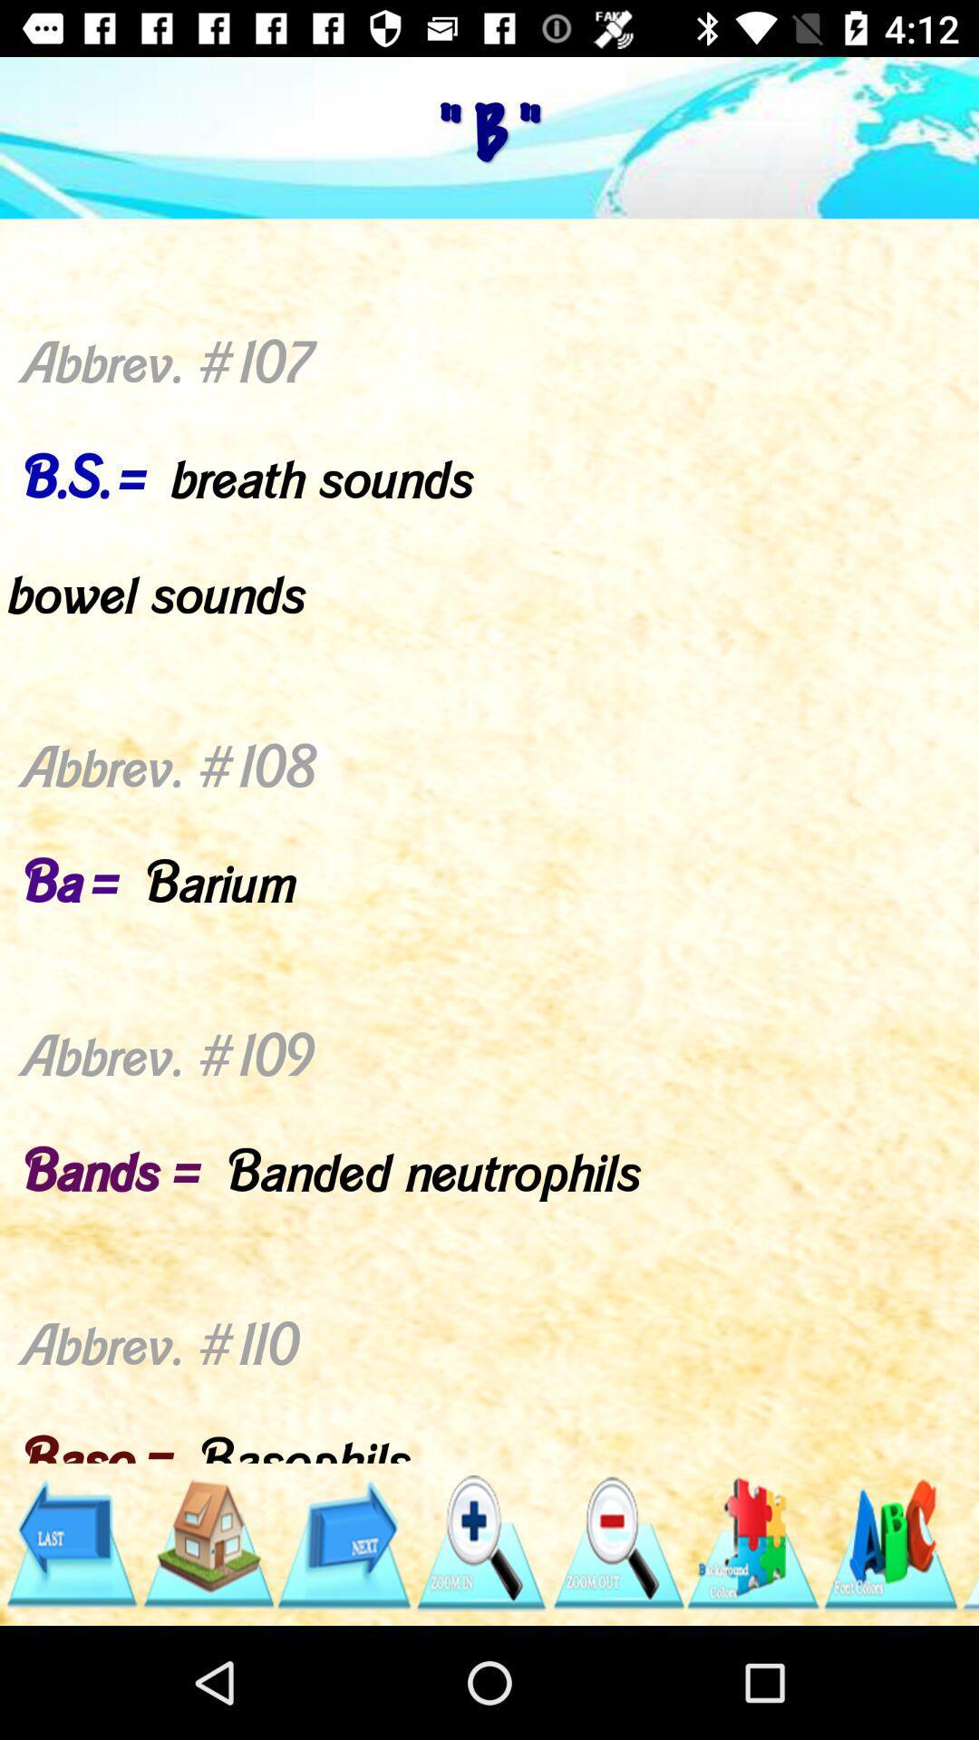 This screenshot has height=1740, width=979. Describe the element at coordinates (889, 1542) in the screenshot. I see `open the menu-item` at that location.